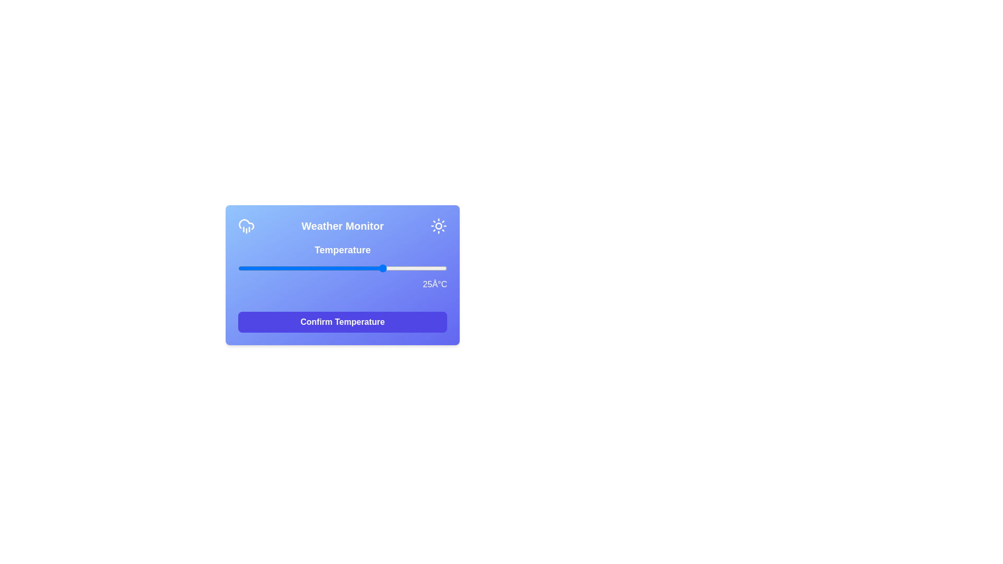 Image resolution: width=1003 pixels, height=564 pixels. Describe the element at coordinates (343, 225) in the screenshot. I see `the Header bar labeled 'Weather Monitor' which features a cloud icon on the left and a sun icon on the right` at that location.